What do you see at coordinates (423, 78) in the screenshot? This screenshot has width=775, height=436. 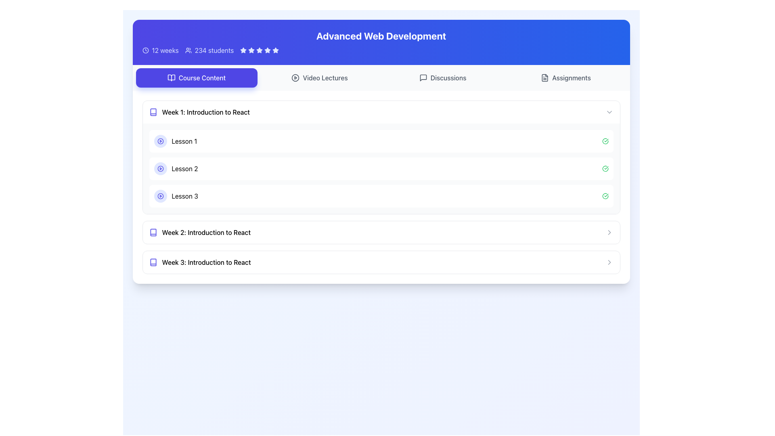 I see `the message box icon located in the header area of the page, aligned with the 'Discussions' label` at bounding box center [423, 78].